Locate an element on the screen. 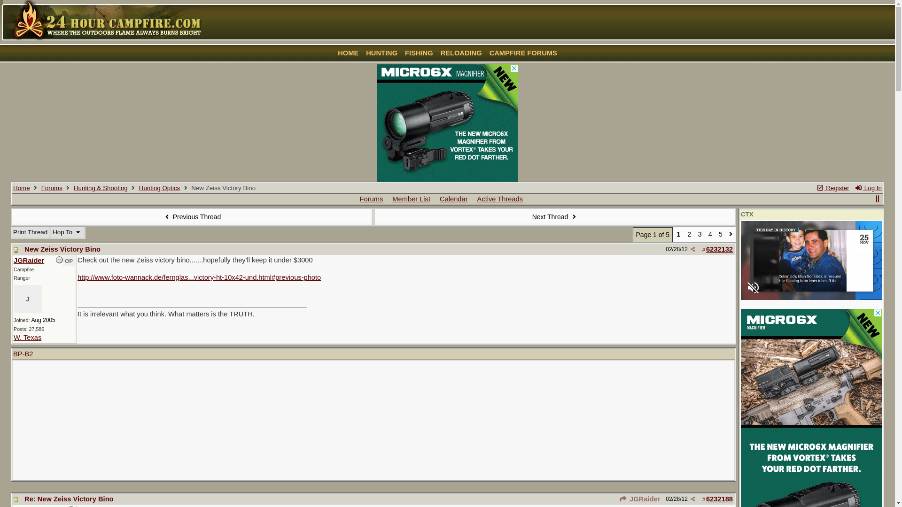 This screenshot has height=507, width=902. 'Forums' is located at coordinates (371, 199).